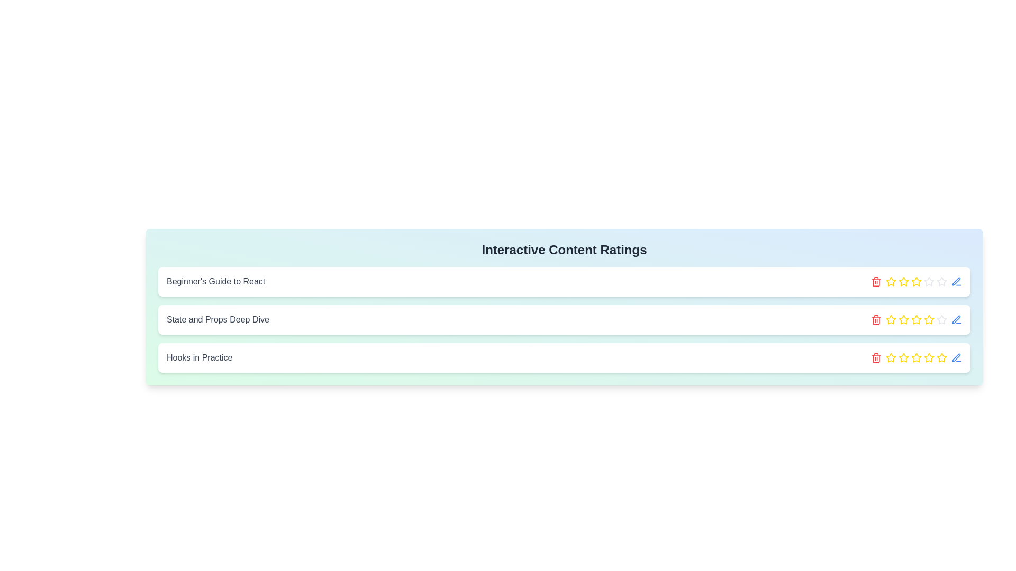 The image size is (1016, 571). What do you see at coordinates (903, 357) in the screenshot?
I see `the second star rating icon, which is gold and hollow, located in the third row next to the 'Hooks in Practice' label to give a rating` at bounding box center [903, 357].